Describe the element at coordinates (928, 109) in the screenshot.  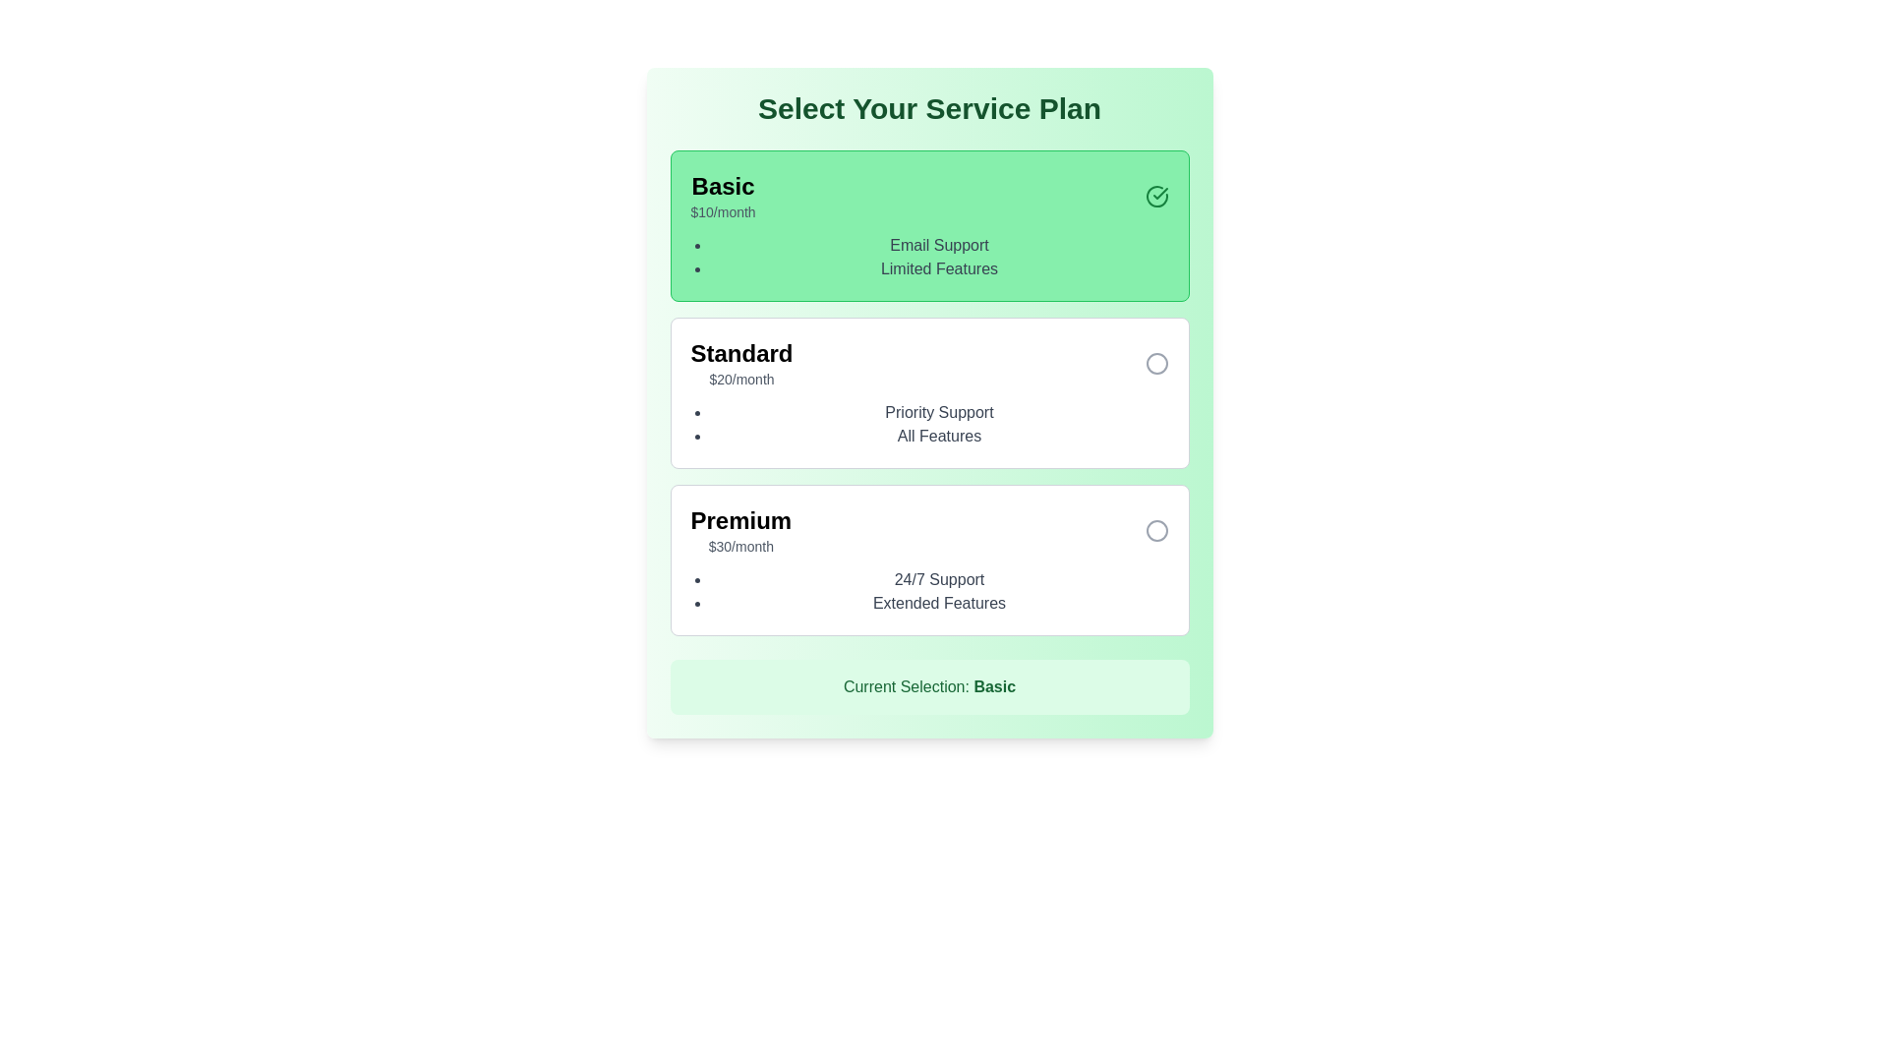
I see `the heading that indicates the service plan selection panel, positioned at the top of the panel above all service plan options` at that location.